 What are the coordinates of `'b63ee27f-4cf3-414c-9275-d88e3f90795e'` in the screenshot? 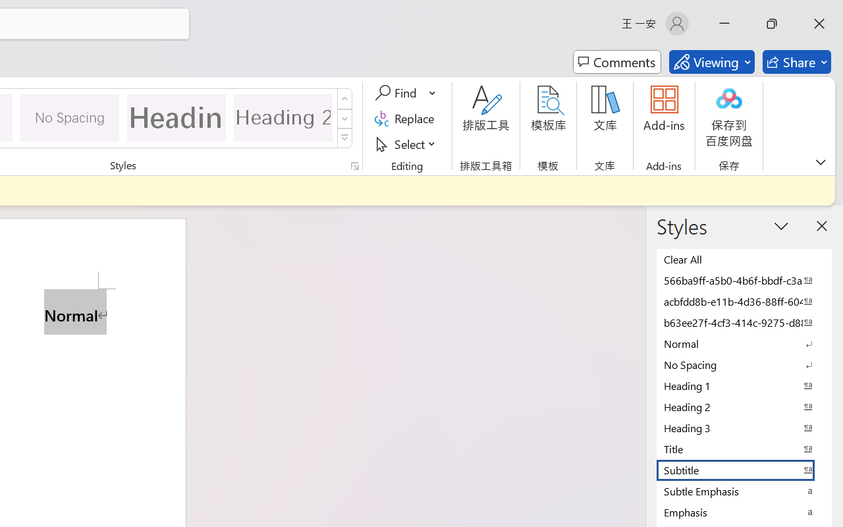 It's located at (744, 322).